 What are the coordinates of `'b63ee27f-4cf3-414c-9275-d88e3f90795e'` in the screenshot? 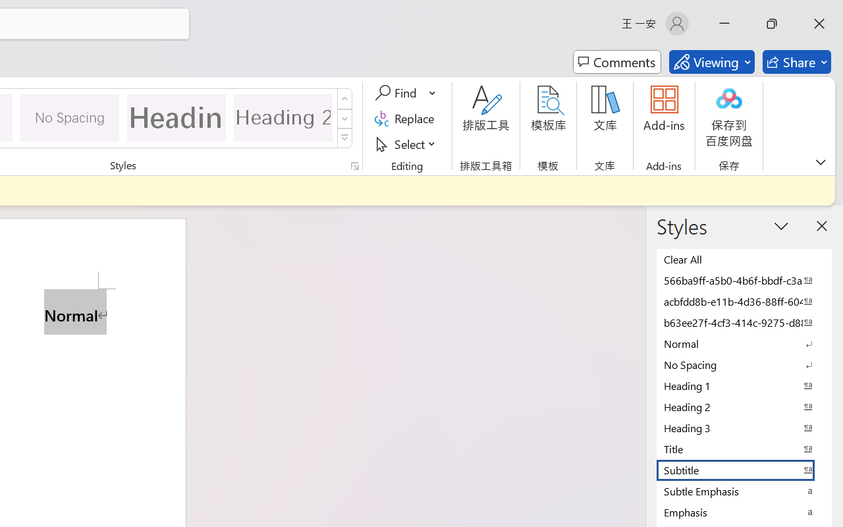 It's located at (744, 322).